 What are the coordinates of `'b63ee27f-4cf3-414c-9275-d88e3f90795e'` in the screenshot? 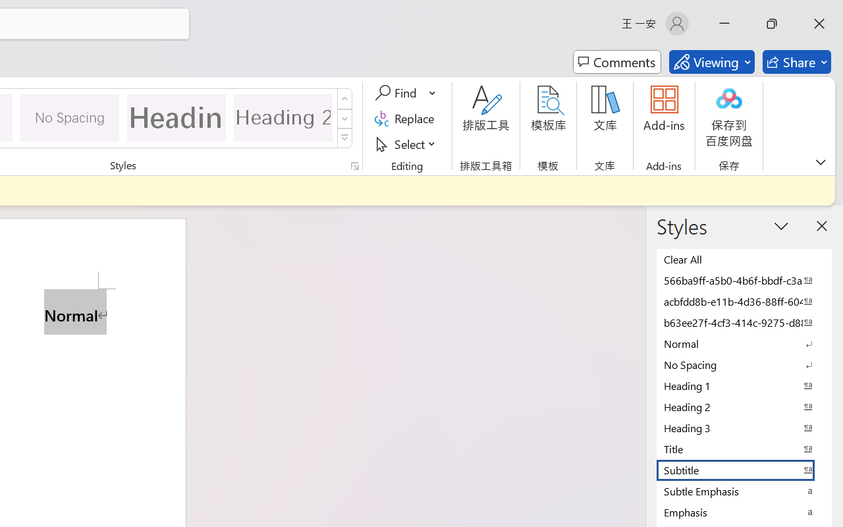 It's located at (744, 322).